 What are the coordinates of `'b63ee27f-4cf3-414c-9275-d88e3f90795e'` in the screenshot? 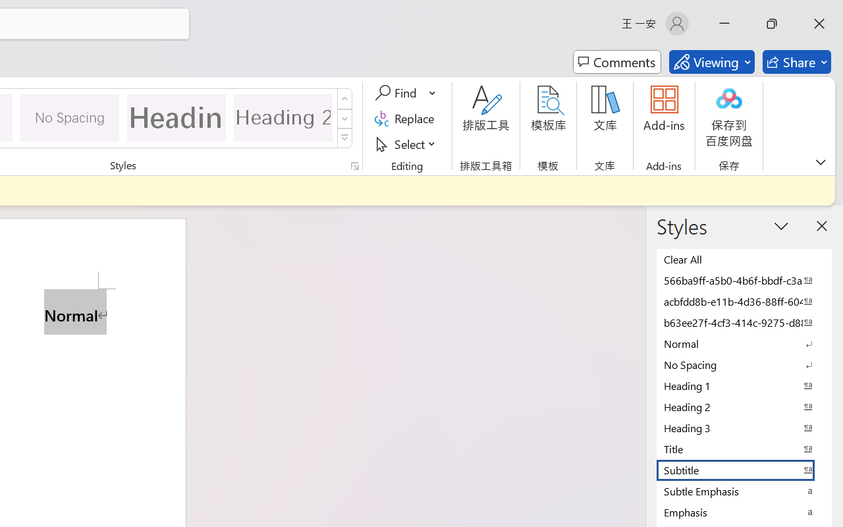 It's located at (744, 322).